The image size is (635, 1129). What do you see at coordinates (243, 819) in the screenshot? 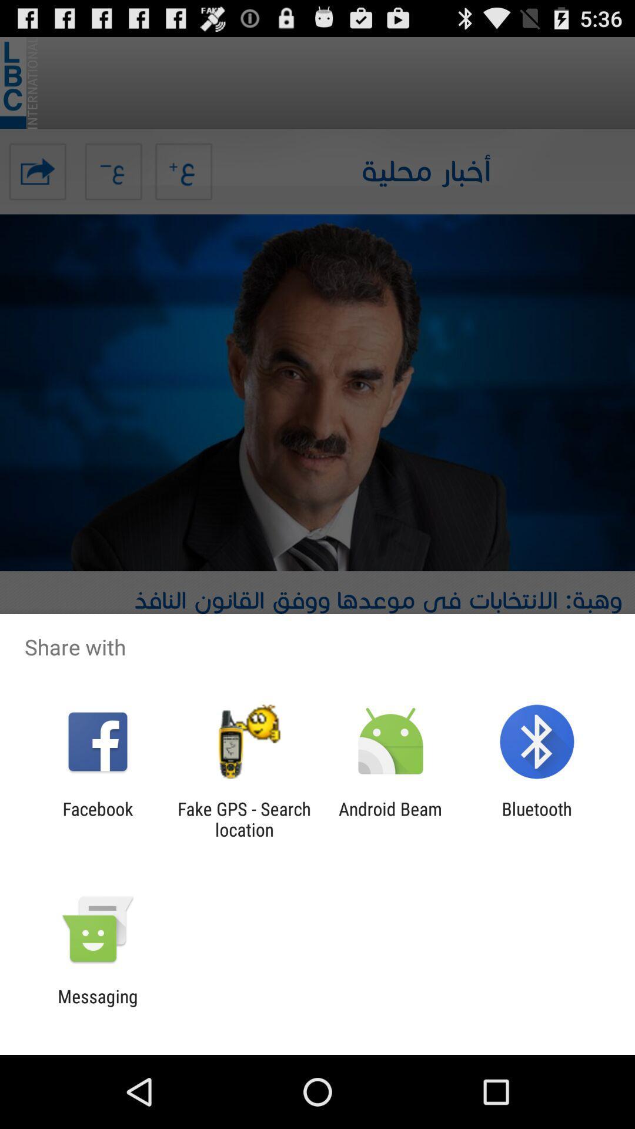
I see `the item to the right of the facebook icon` at bounding box center [243, 819].